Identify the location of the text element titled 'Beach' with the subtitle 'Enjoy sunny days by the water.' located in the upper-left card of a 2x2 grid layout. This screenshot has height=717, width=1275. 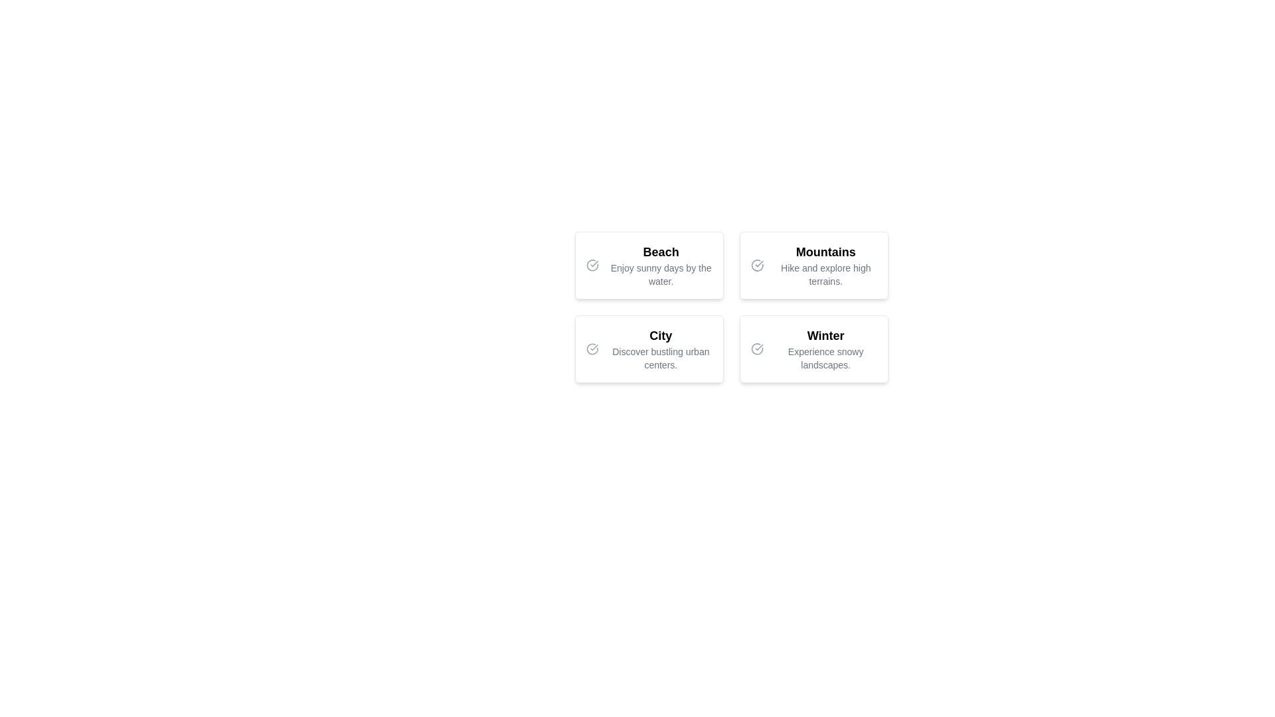
(661, 266).